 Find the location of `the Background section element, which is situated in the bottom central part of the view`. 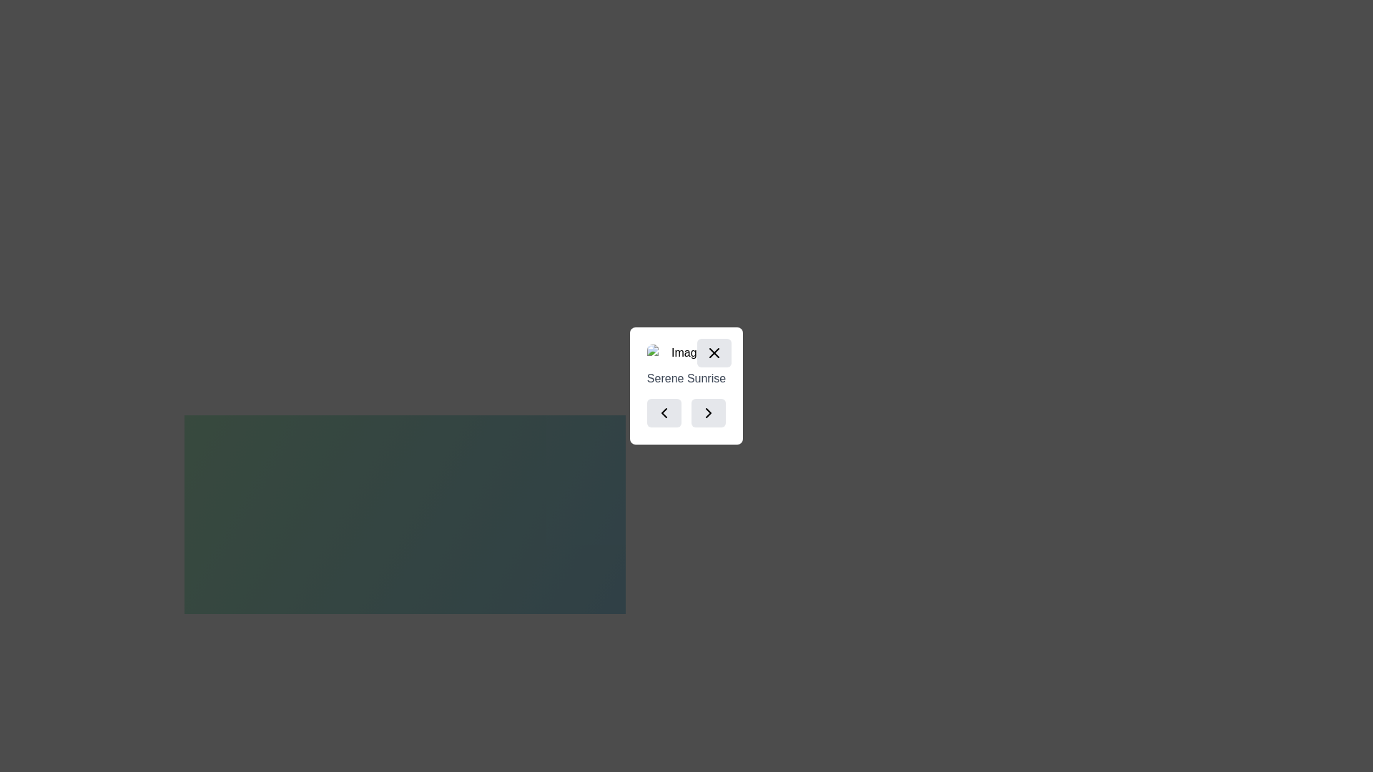

the Background section element, which is situated in the bottom central part of the view is located at coordinates (404, 505).